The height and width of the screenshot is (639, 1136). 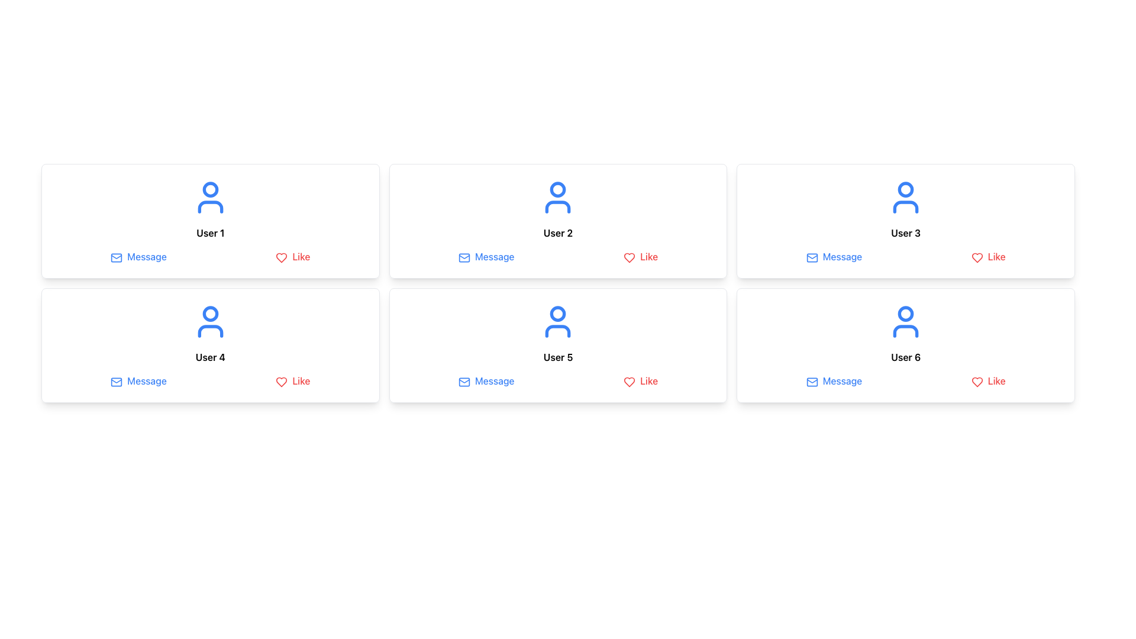 What do you see at coordinates (463, 256) in the screenshot?
I see `the inner decorative detail of the envelope icon in the 'Message' button for 'User 2'` at bounding box center [463, 256].